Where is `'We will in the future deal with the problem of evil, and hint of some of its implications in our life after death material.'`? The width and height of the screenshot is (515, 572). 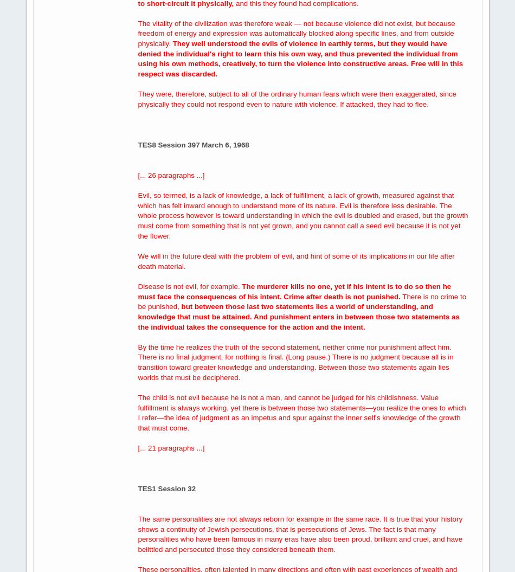 'We will in the future deal with the problem of evil, and hint of some of its implications in our life after death material.' is located at coordinates (137, 260).